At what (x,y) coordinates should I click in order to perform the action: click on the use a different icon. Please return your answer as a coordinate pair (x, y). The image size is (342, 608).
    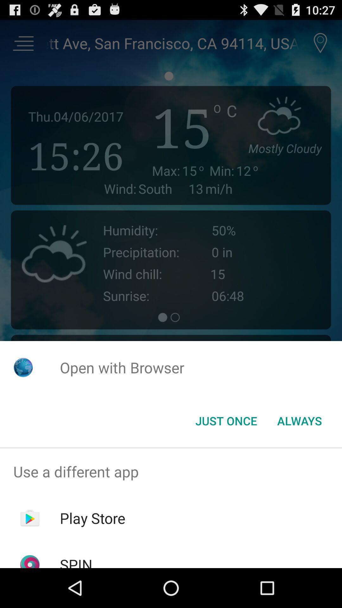
    Looking at the image, I should click on (171, 472).